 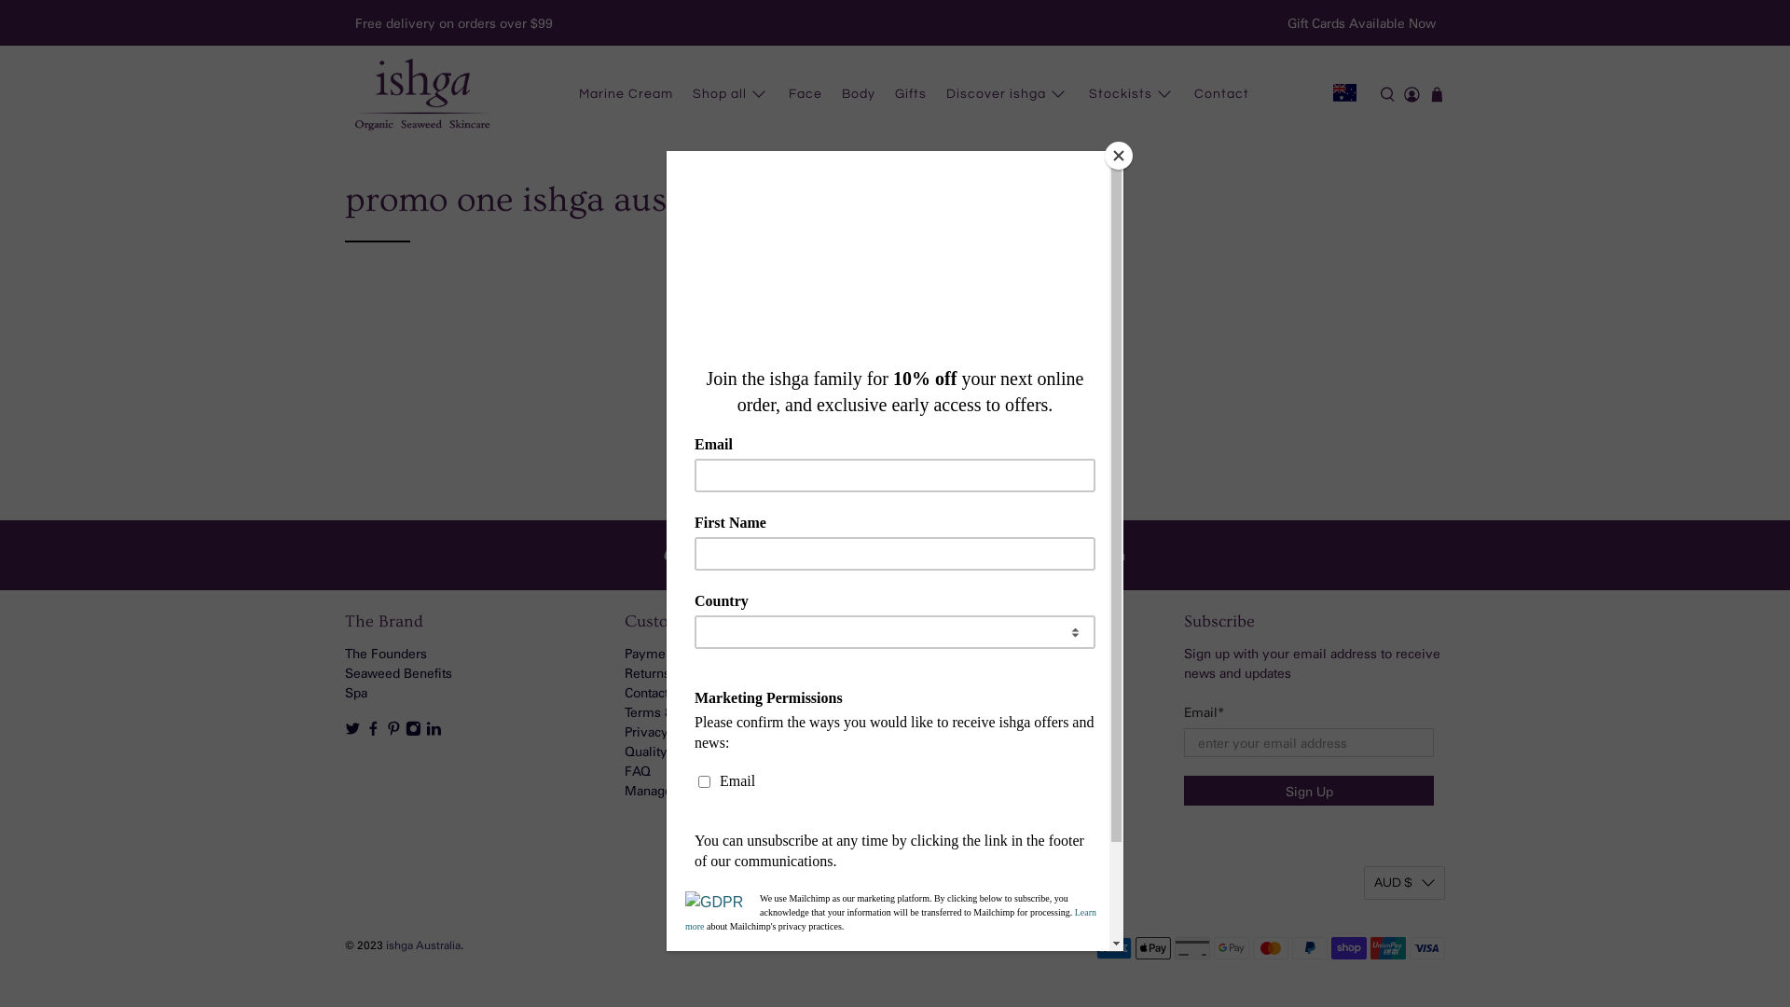 I want to click on 'Face', so click(x=778, y=94).